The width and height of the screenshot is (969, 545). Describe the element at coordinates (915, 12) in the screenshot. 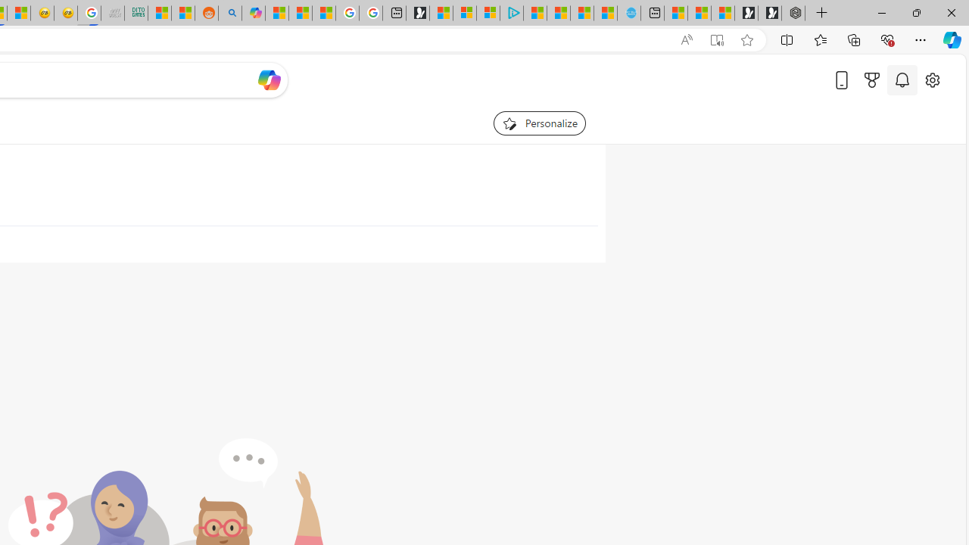

I see `'Restore'` at that location.